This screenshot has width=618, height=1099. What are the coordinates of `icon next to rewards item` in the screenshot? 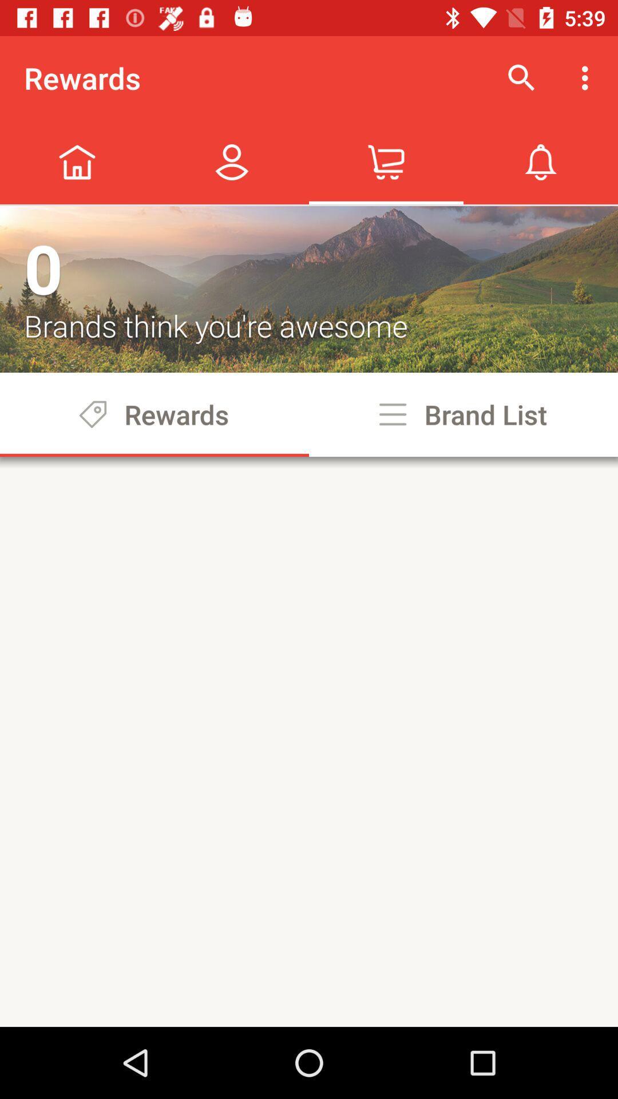 It's located at (521, 77).